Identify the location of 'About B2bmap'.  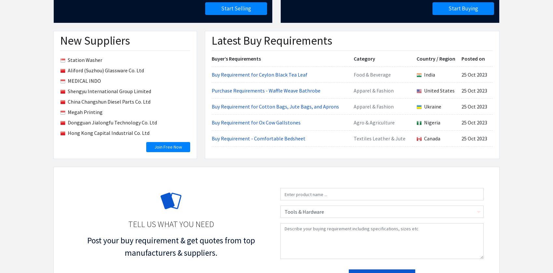
(67, 23).